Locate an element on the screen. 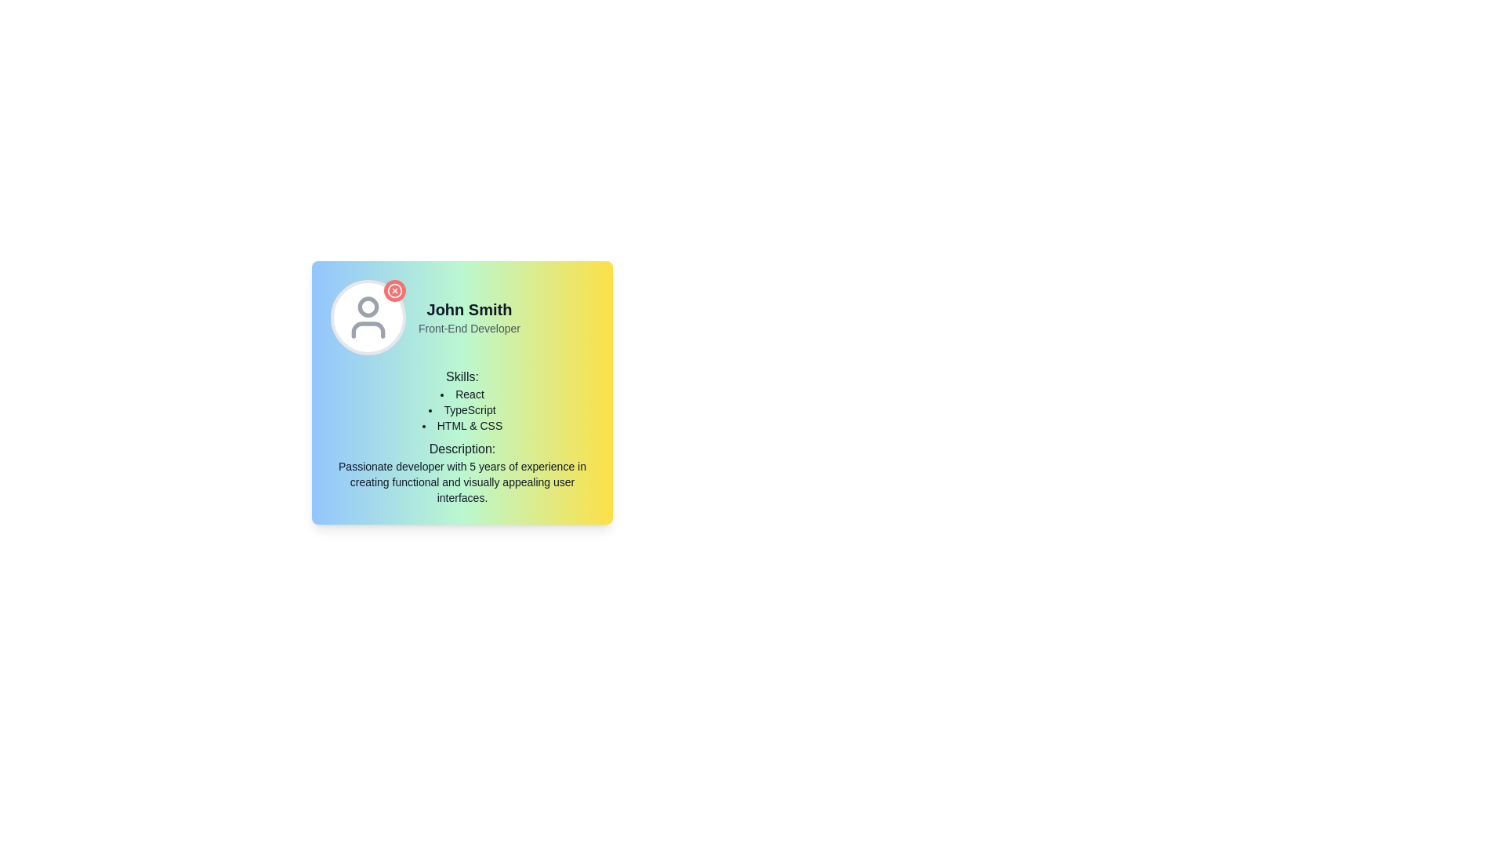 This screenshot has height=847, width=1505. the Text Label indicating the job title or role associated with the individual named 'John Smith', located within the profile card below the name is located at coordinates (469, 328).